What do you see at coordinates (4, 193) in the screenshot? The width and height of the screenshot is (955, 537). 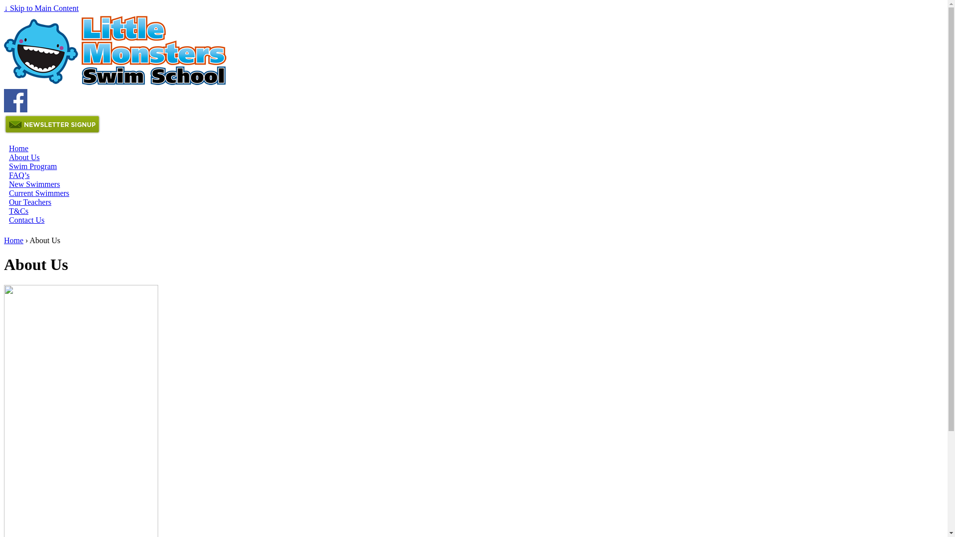 I see `'Current Swimmers'` at bounding box center [4, 193].